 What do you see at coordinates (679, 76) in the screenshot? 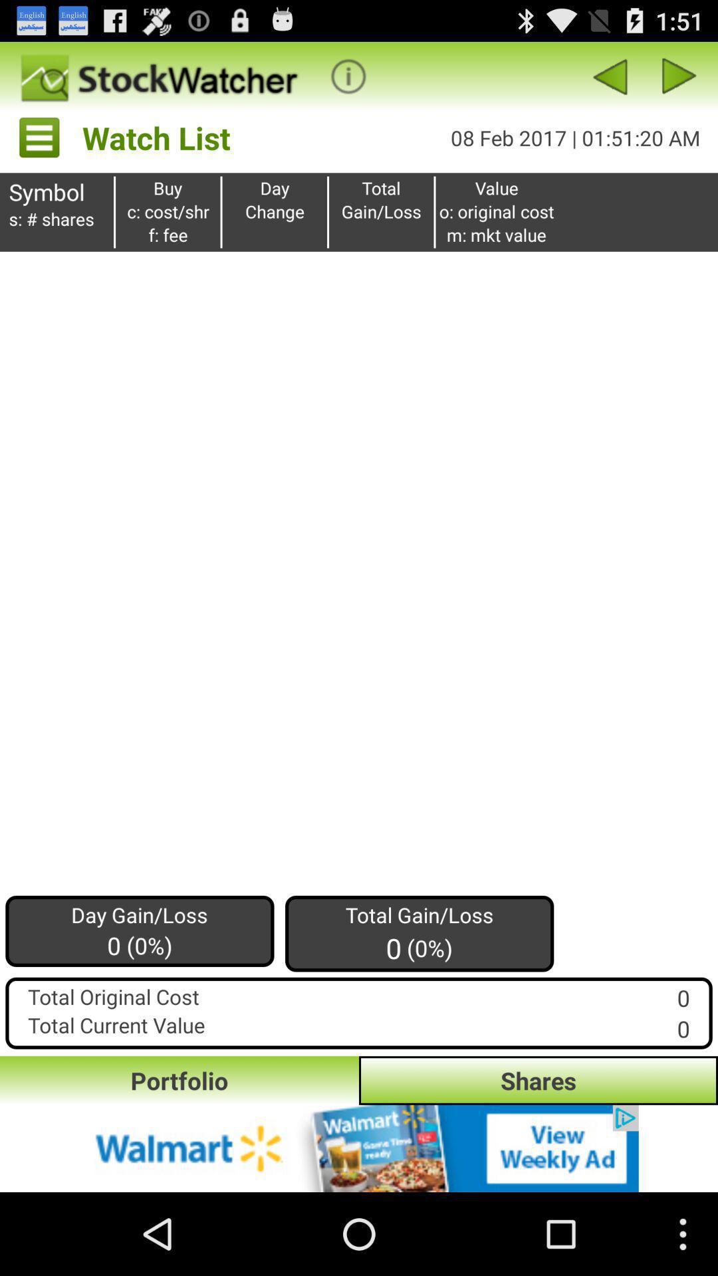
I see `for ward` at bounding box center [679, 76].